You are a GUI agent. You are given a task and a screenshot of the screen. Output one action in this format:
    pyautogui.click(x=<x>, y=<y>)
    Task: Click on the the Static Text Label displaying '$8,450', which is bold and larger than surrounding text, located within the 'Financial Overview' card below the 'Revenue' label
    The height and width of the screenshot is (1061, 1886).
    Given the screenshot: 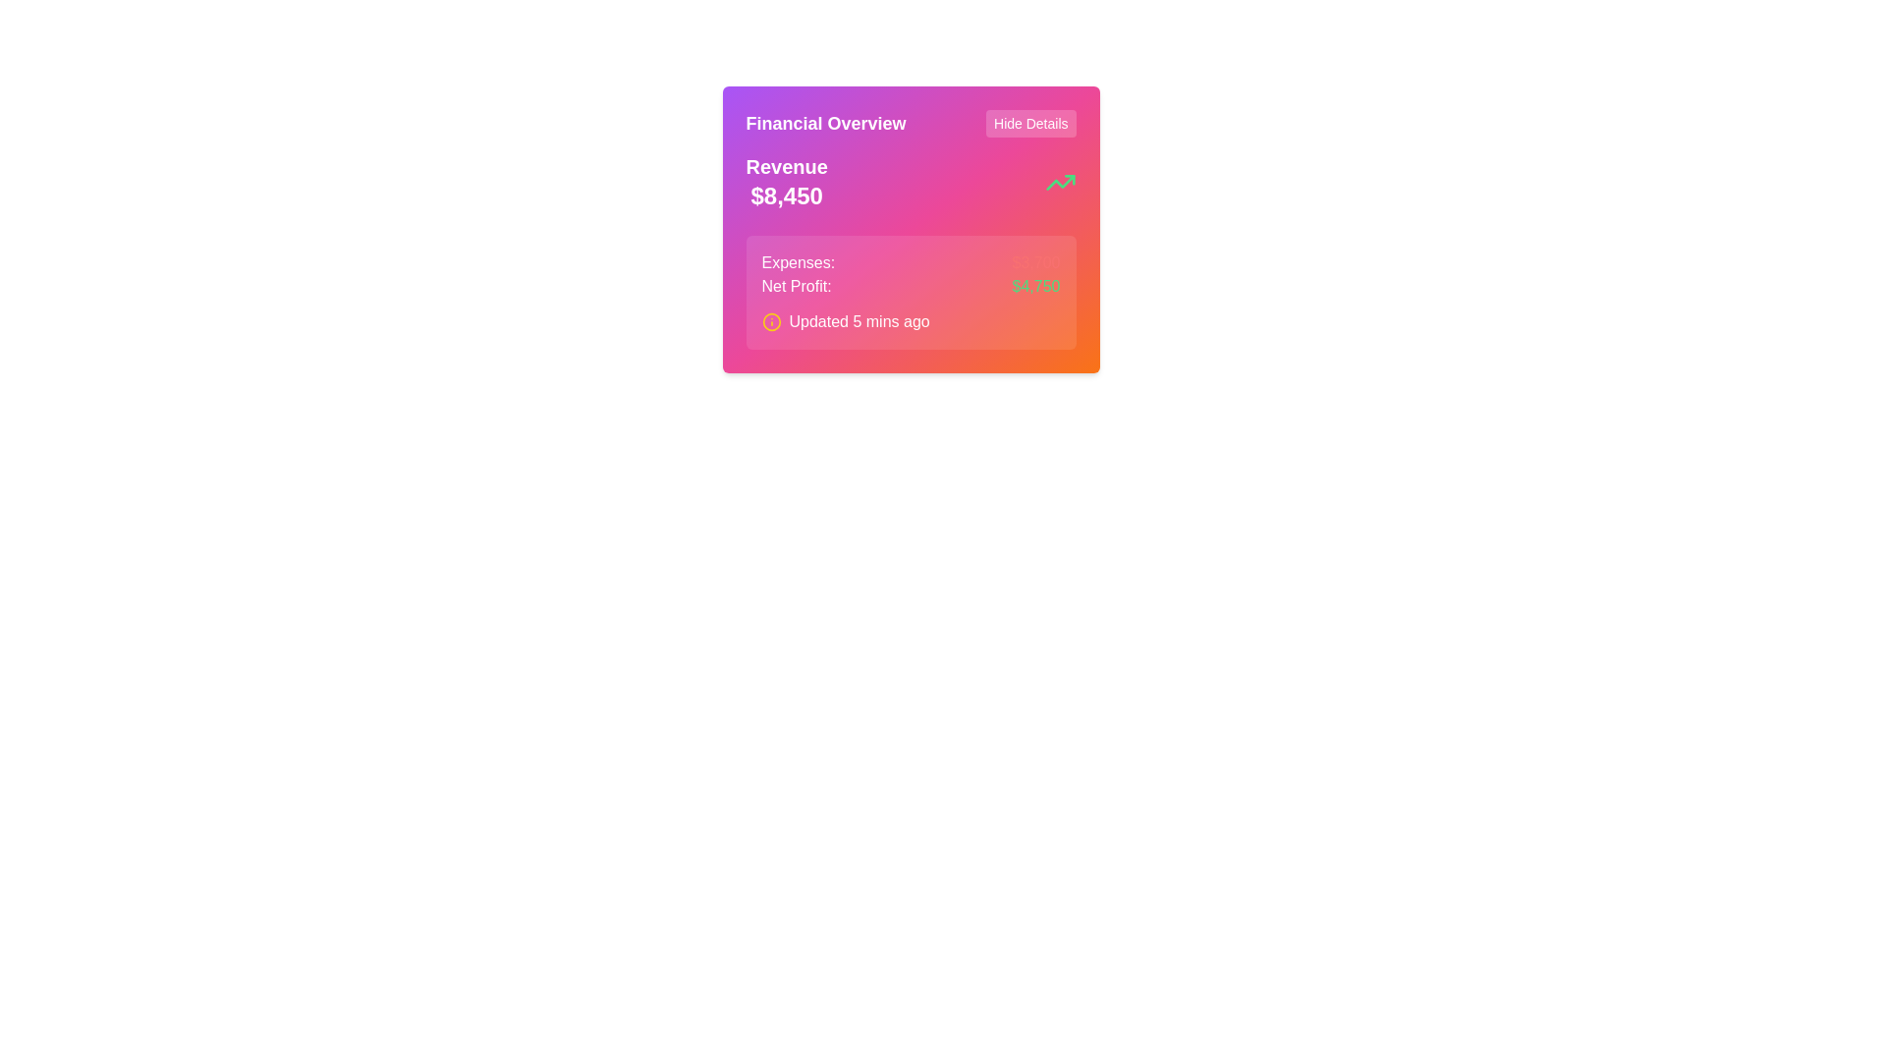 What is the action you would take?
    pyautogui.click(x=787, y=196)
    